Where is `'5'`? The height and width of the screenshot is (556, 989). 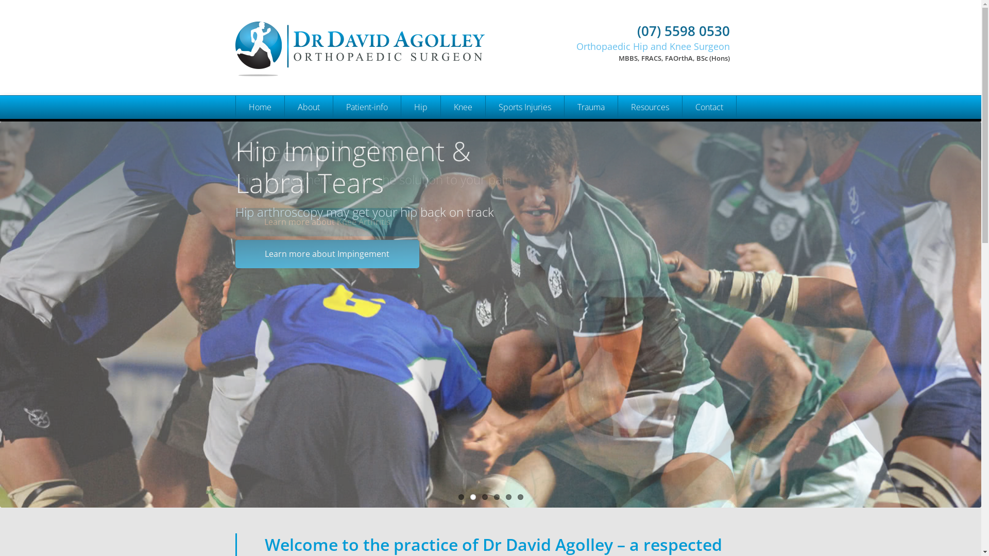 '5' is located at coordinates (508, 496).